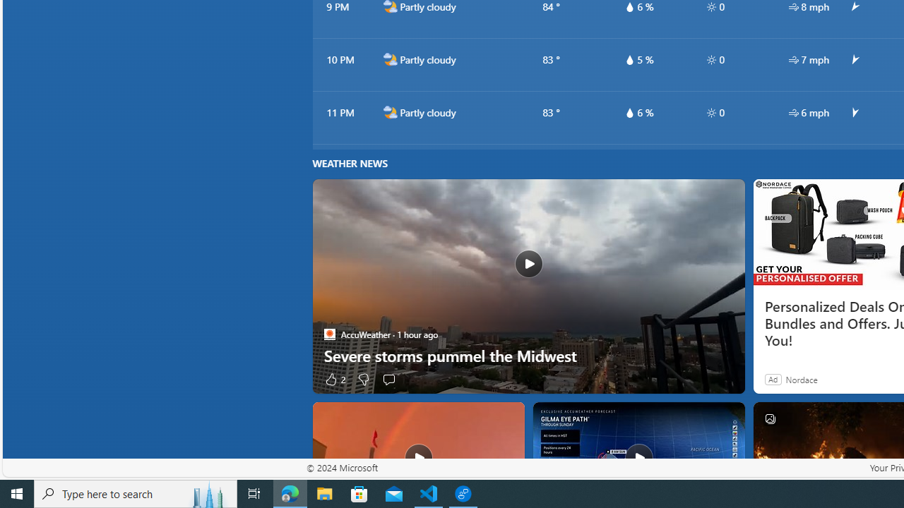 Image resolution: width=904 pixels, height=508 pixels. What do you see at coordinates (853, 112) in the screenshot?
I see `'common/arrow'` at bounding box center [853, 112].